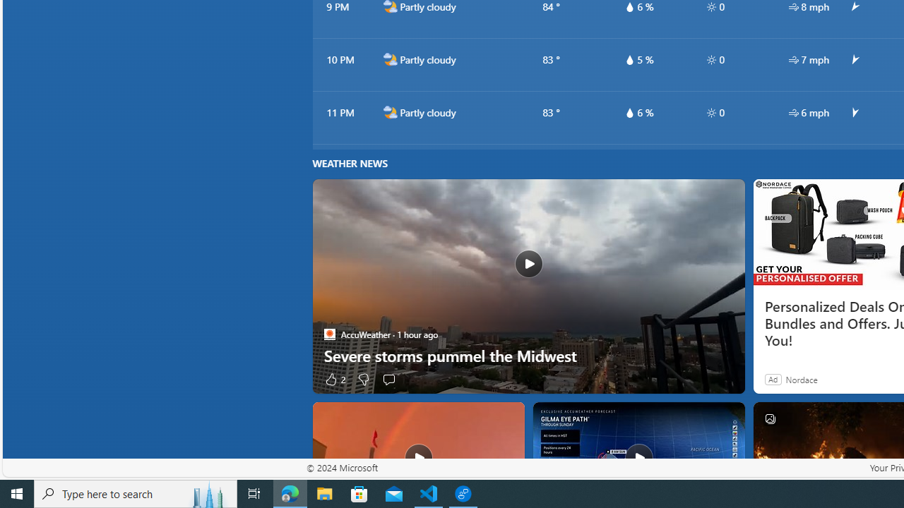 Image resolution: width=904 pixels, height=508 pixels. What do you see at coordinates (853, 112) in the screenshot?
I see `'common/arrow'` at bounding box center [853, 112].